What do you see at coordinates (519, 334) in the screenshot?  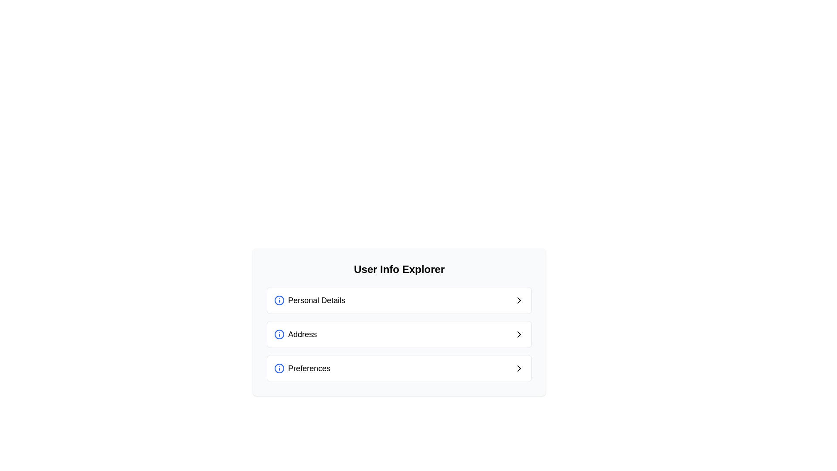 I see `the Chevron Icon located at the far right of the 'Address' row` at bounding box center [519, 334].